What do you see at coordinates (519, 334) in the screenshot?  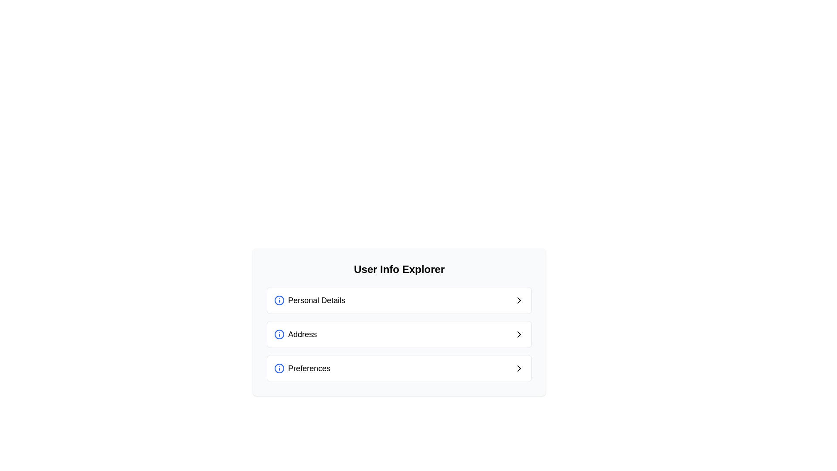 I see `the Chevron Icon located at the far right of the 'Address' row` at bounding box center [519, 334].